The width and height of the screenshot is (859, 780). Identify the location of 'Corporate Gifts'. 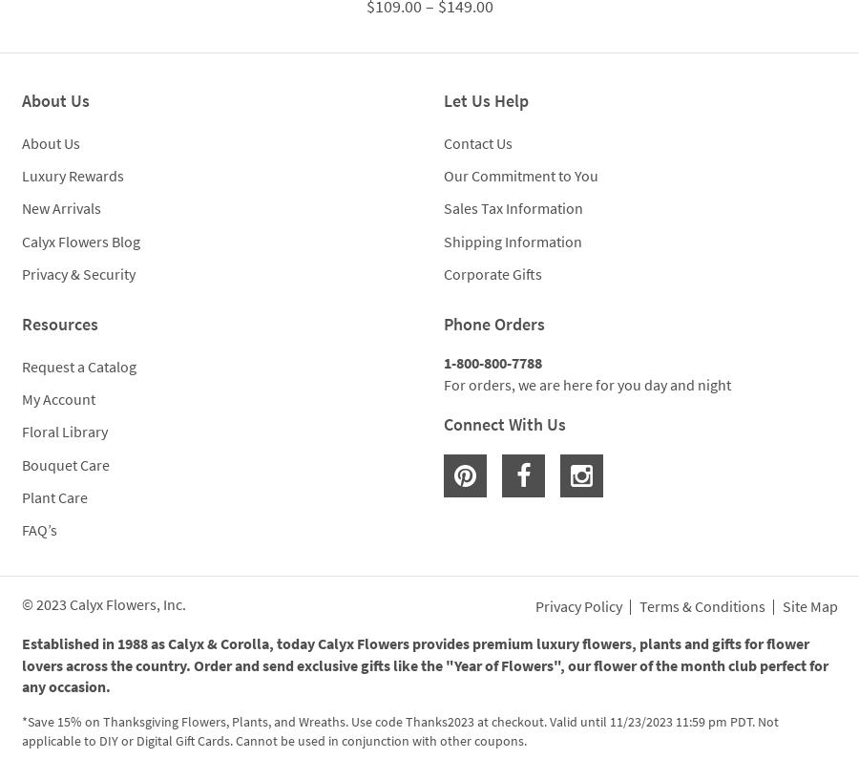
(492, 273).